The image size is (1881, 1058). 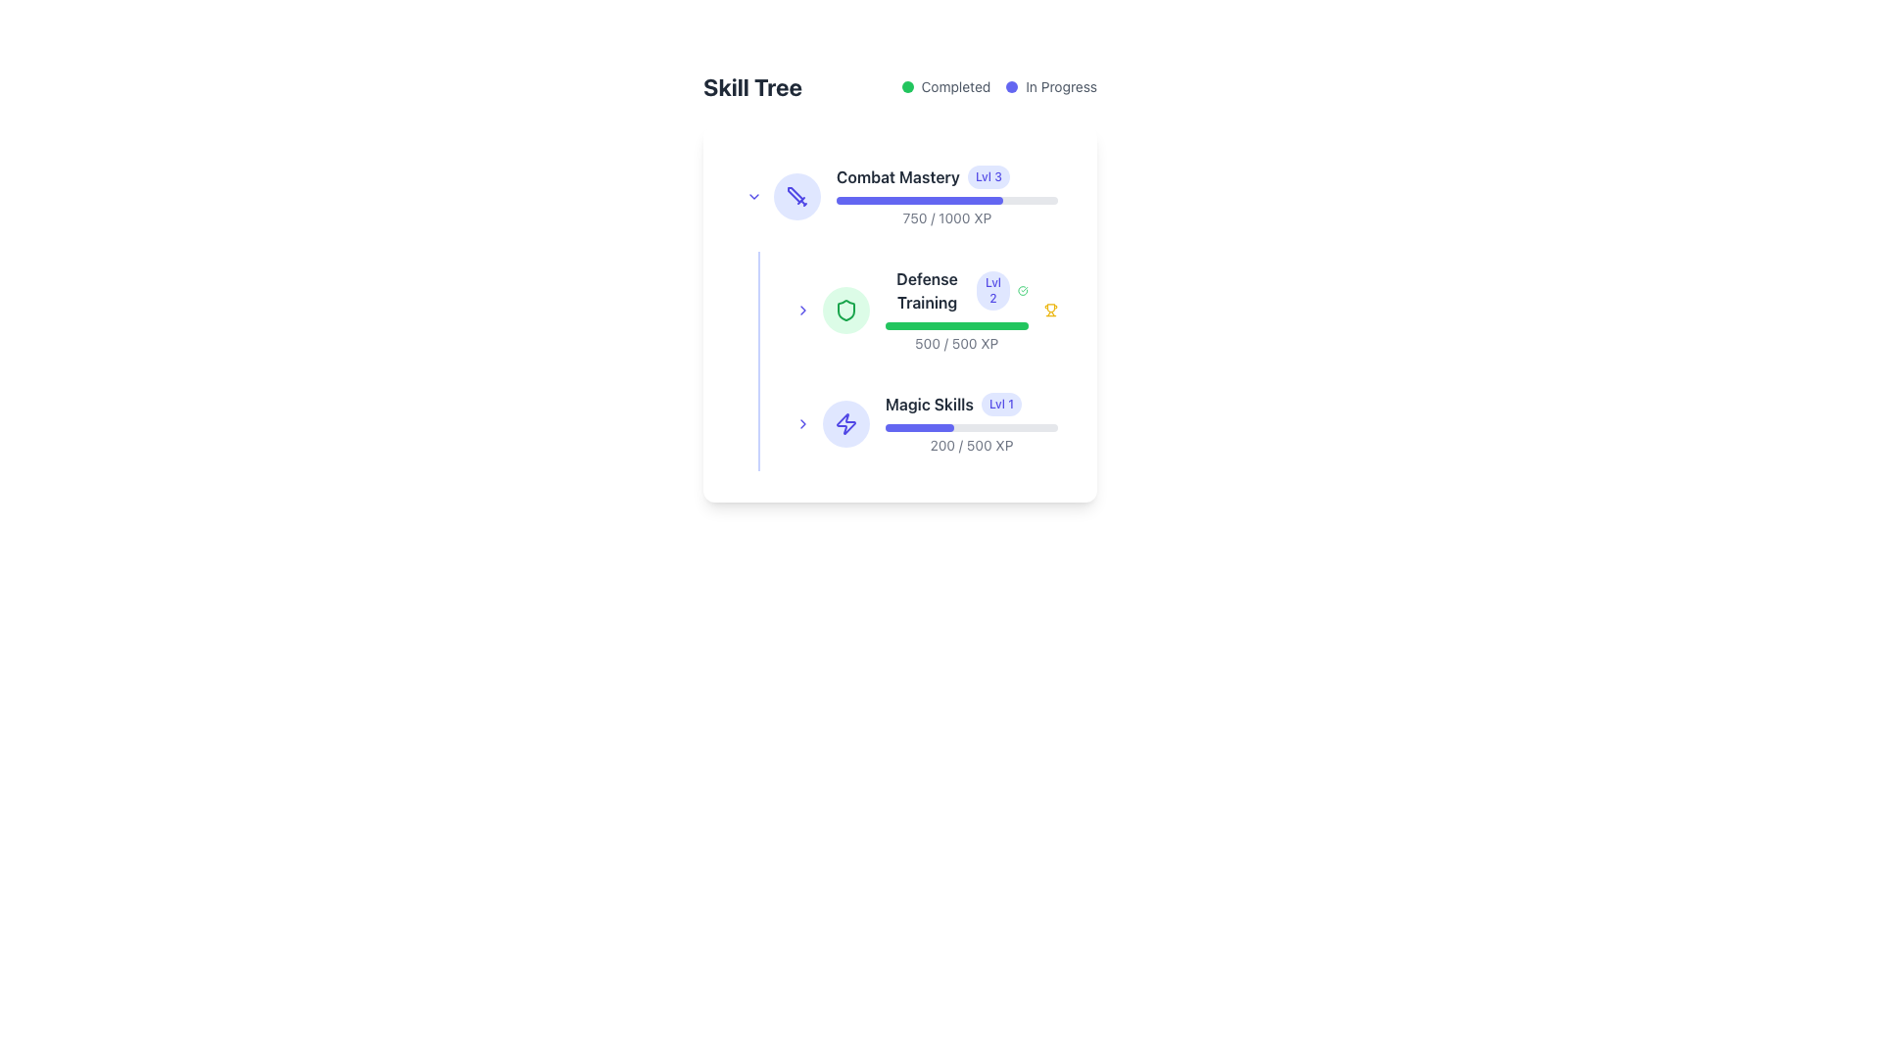 I want to click on the 'Defense Training' skill tracker, so click(x=898, y=309).